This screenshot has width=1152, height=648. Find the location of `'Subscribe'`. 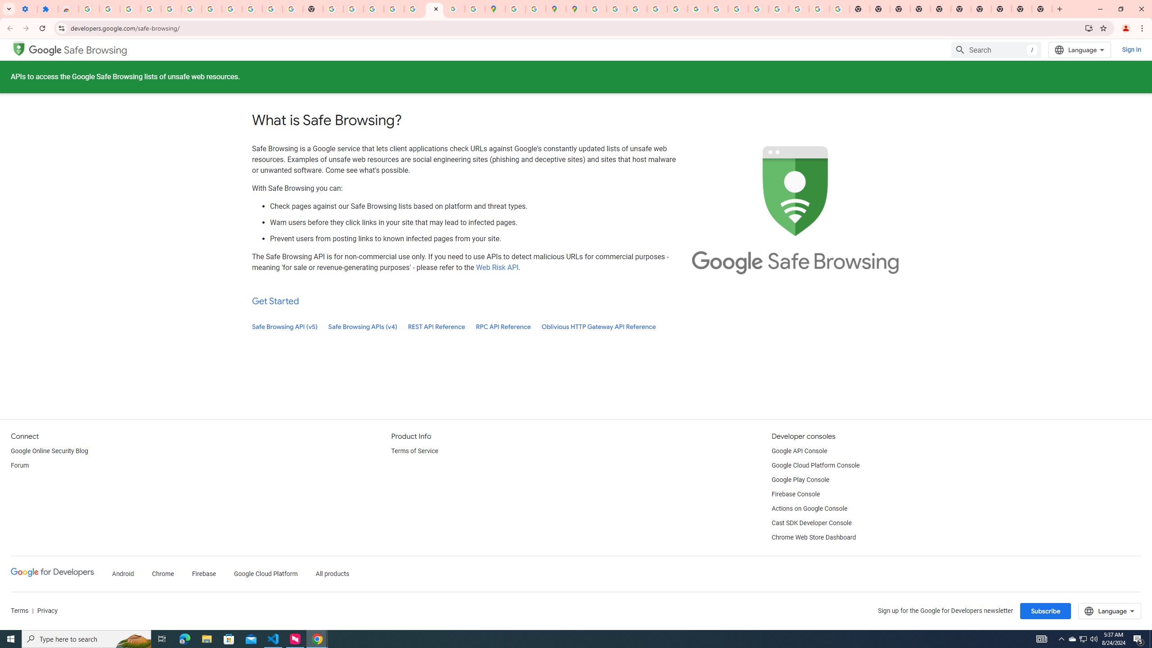

'Subscribe' is located at coordinates (1045, 611).